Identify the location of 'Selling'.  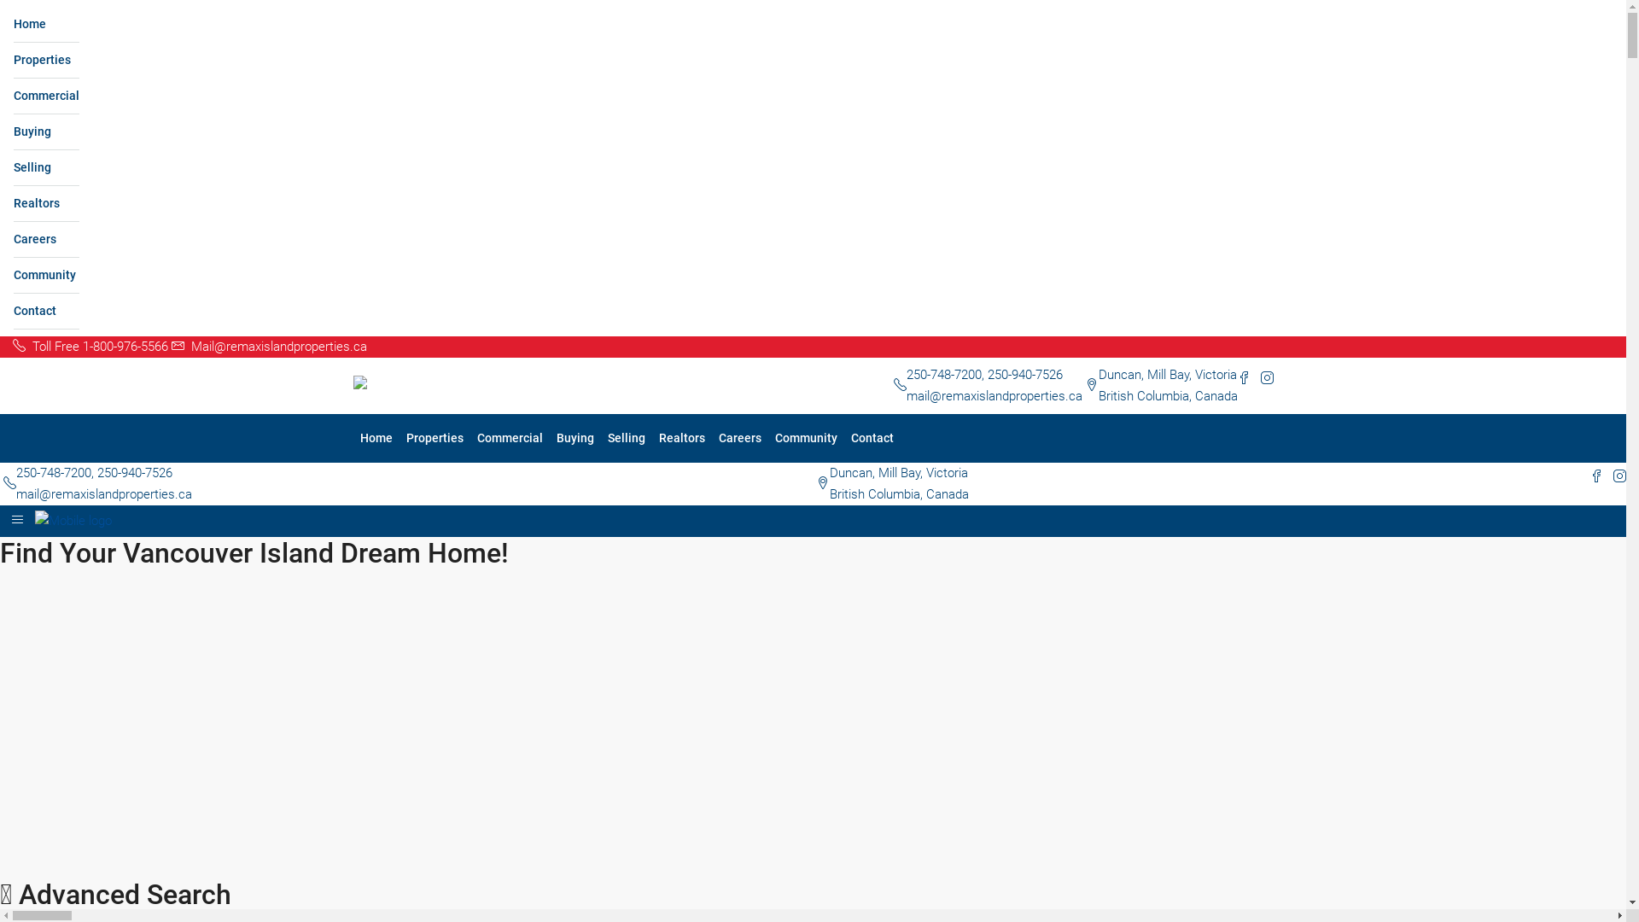
(46, 167).